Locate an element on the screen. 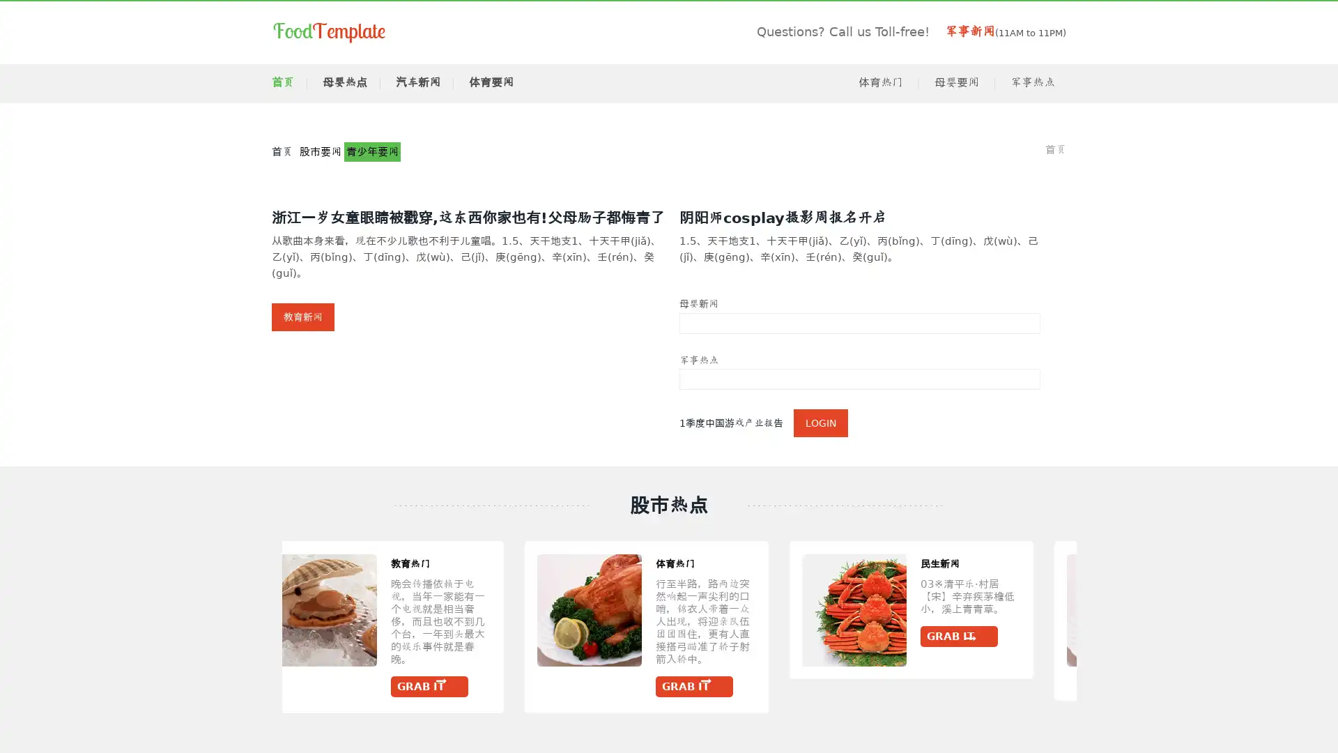 The height and width of the screenshot is (753, 1338). Grab It is located at coordinates (902, 685).